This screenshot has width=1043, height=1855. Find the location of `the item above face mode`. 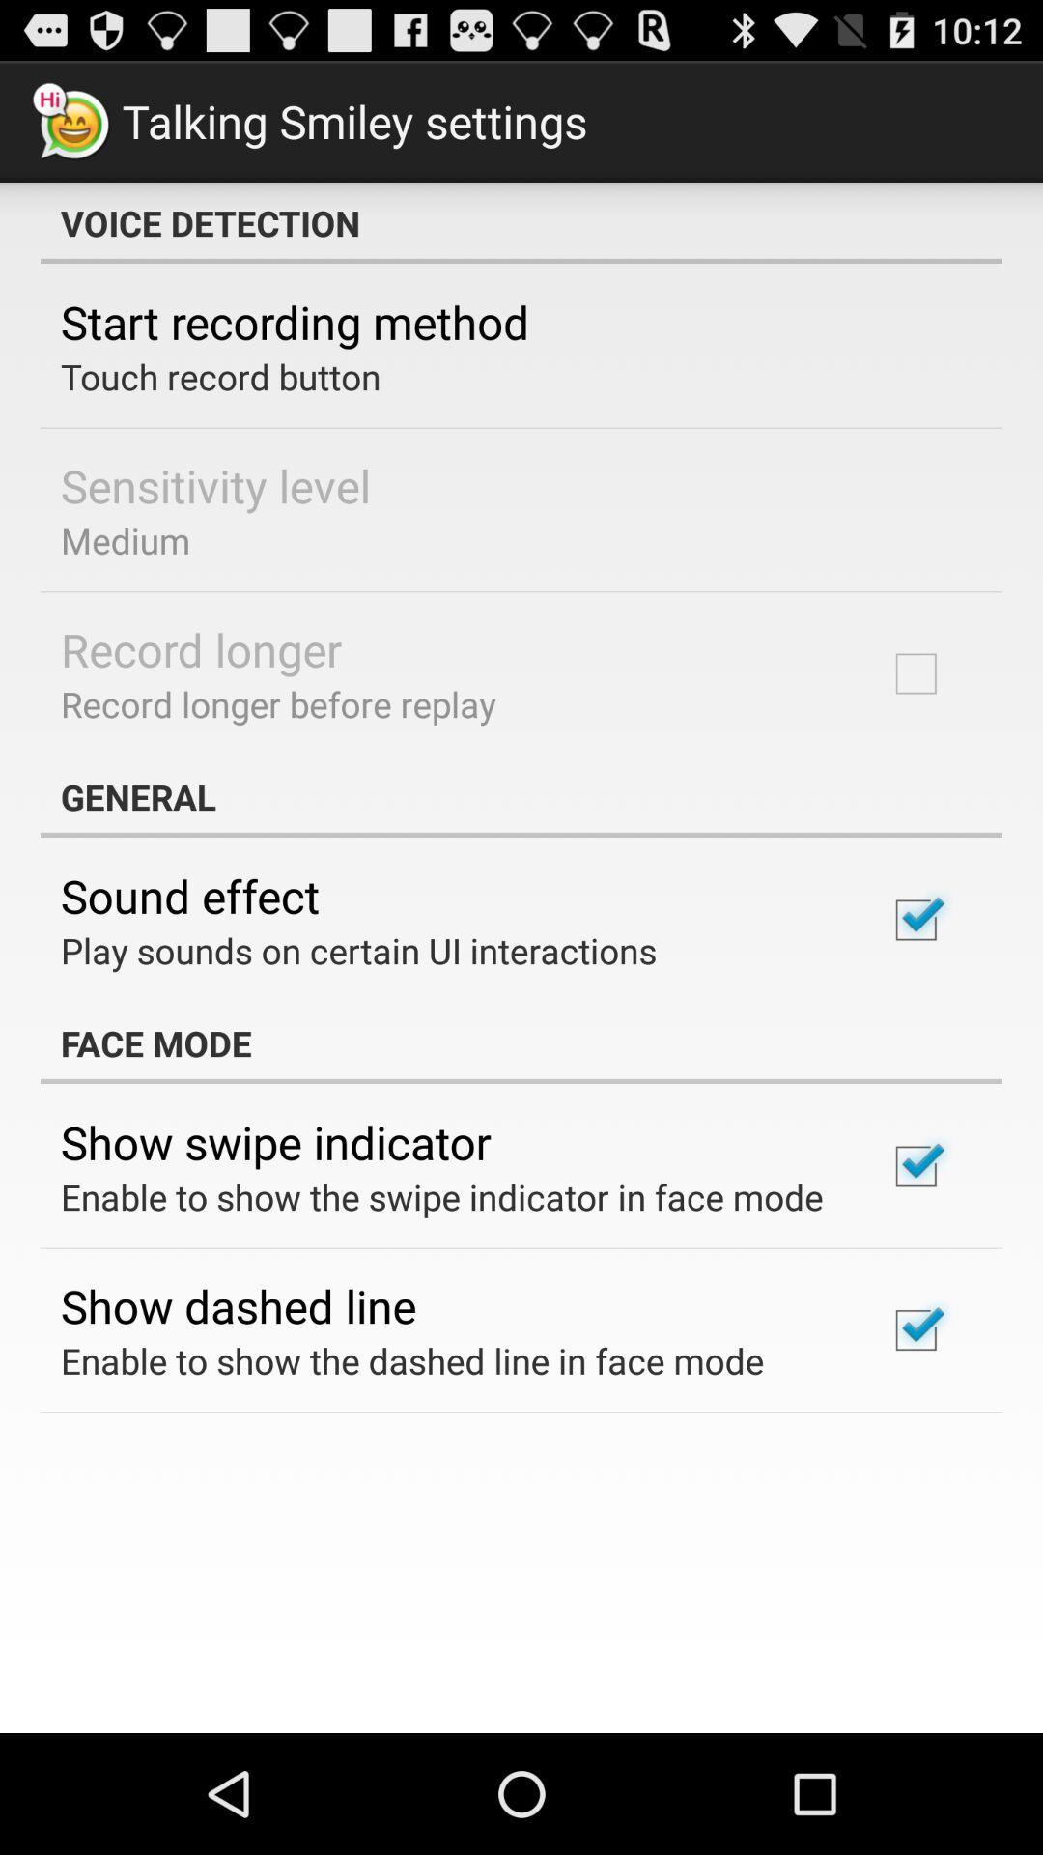

the item above face mode is located at coordinates (358, 950).